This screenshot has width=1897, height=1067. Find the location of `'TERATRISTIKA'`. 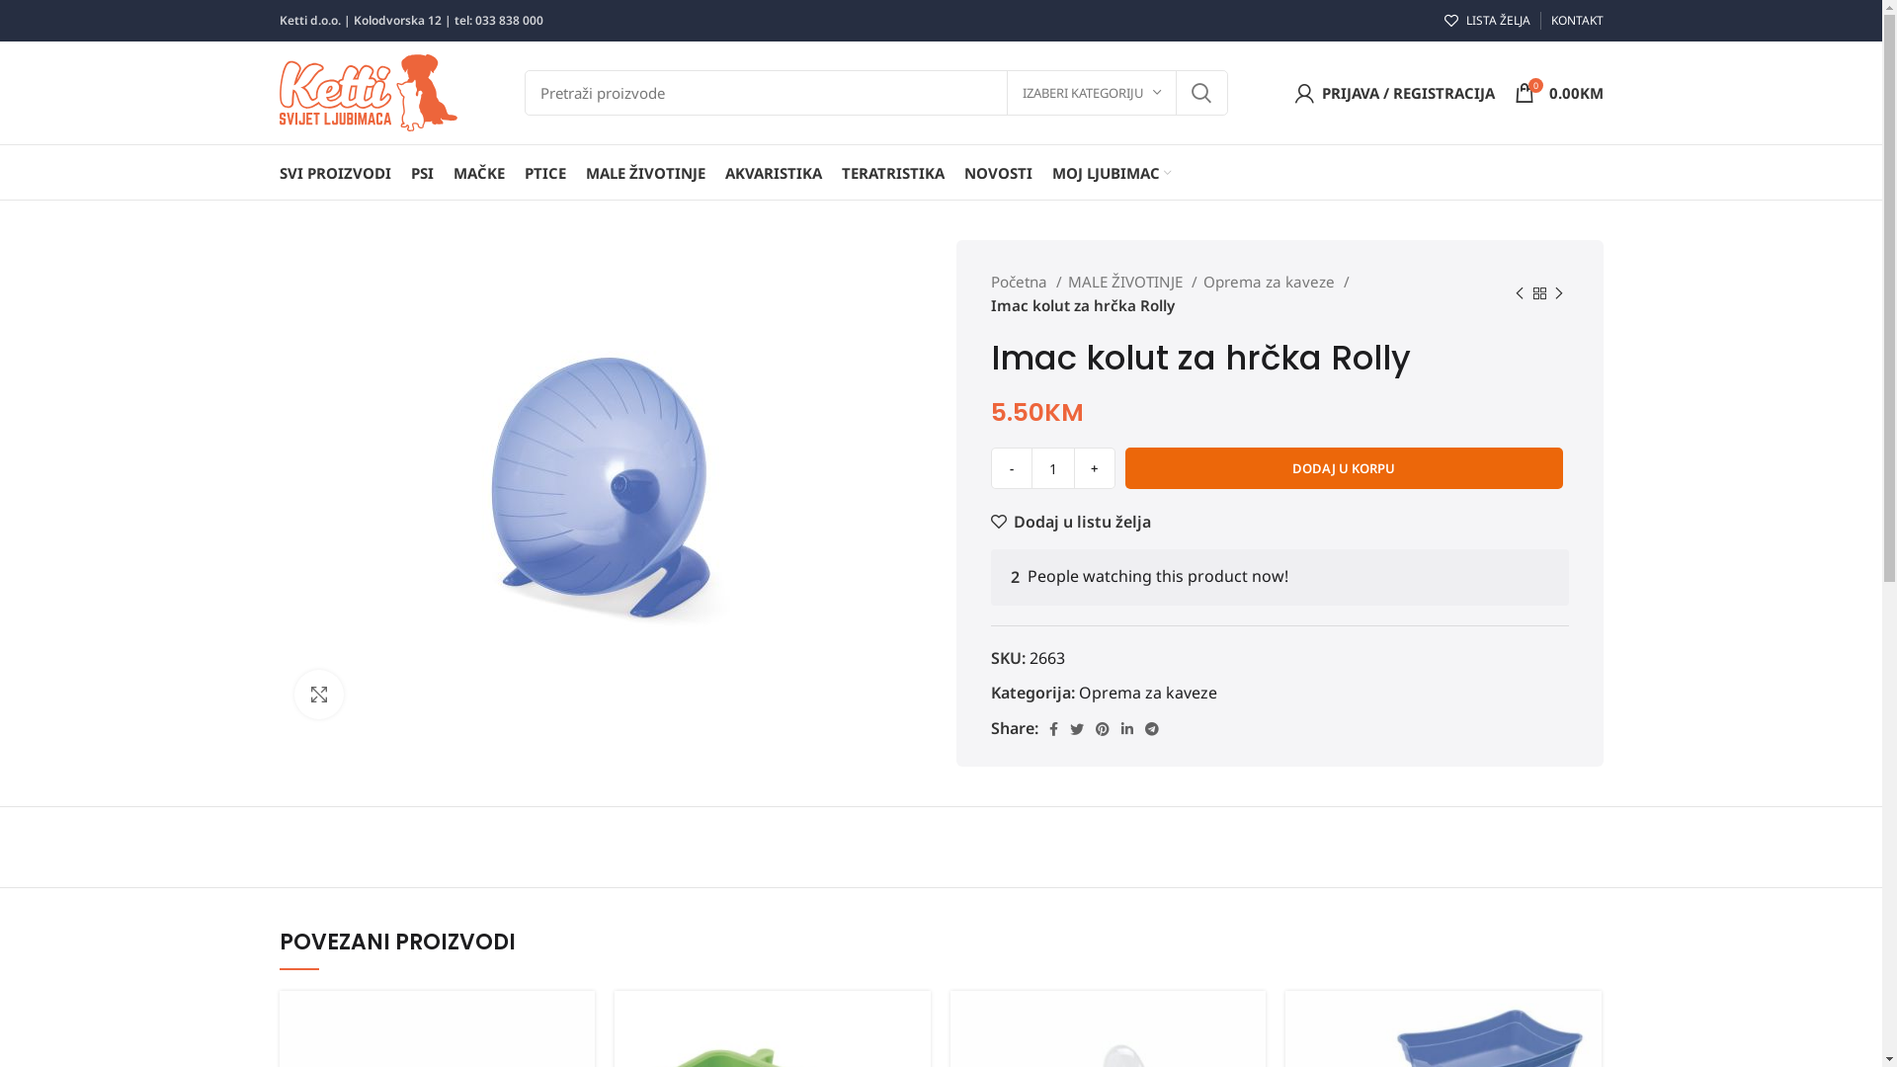

'TERATRISTIKA' is located at coordinates (831, 170).